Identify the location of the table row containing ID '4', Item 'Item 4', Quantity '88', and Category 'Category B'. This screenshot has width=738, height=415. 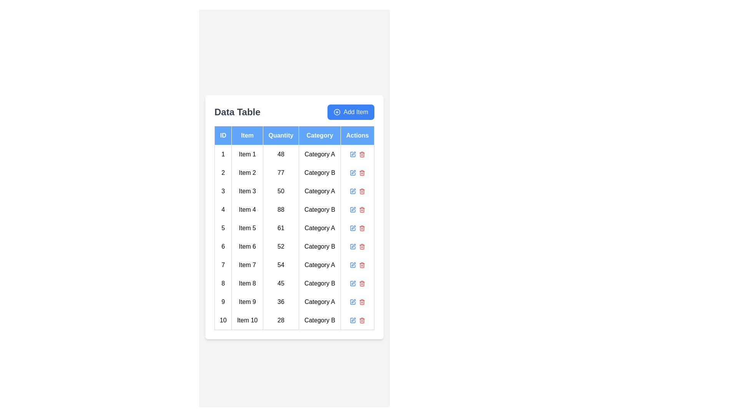
(294, 209).